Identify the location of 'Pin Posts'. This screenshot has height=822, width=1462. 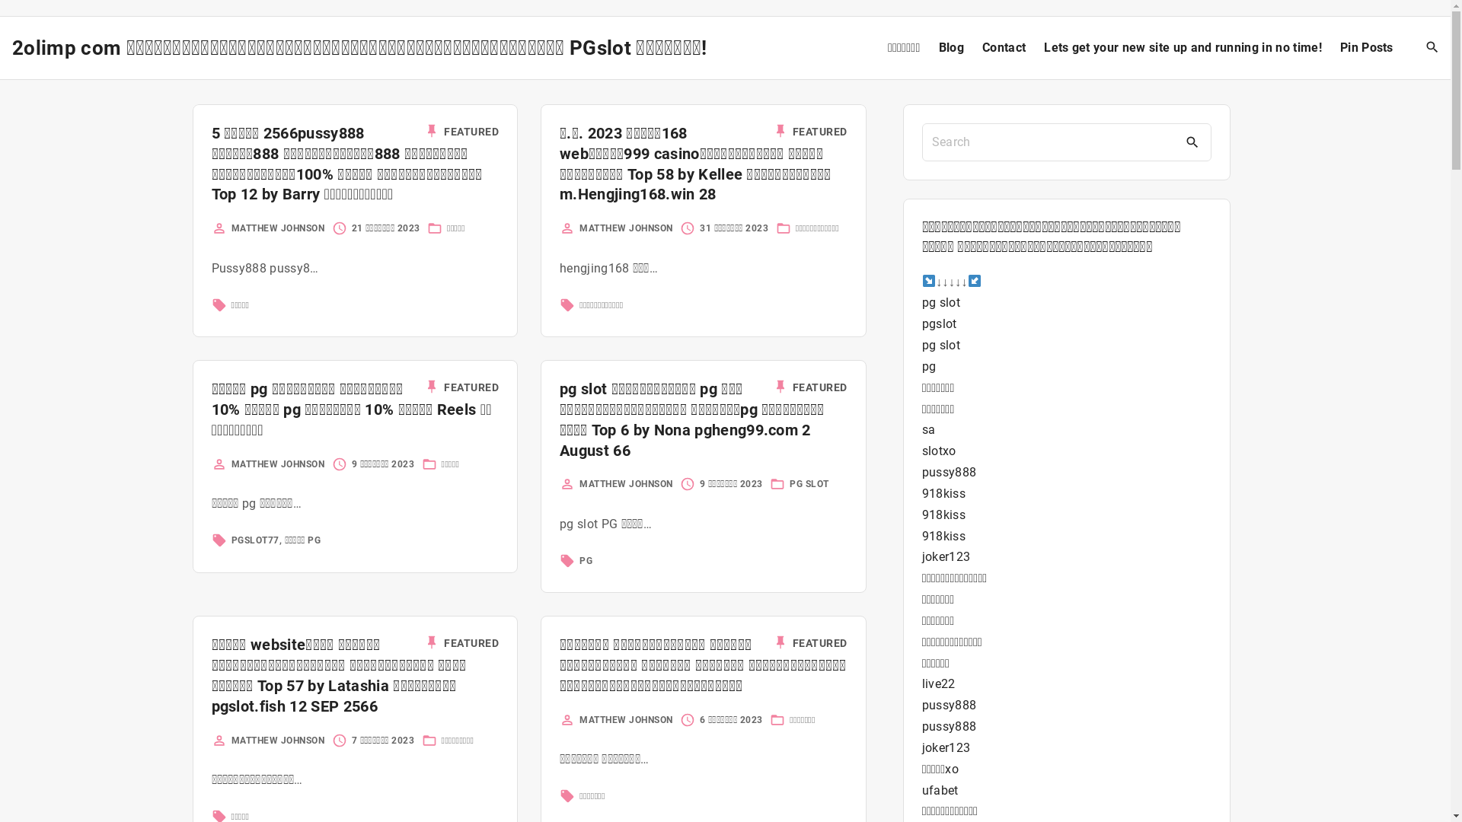
(1367, 46).